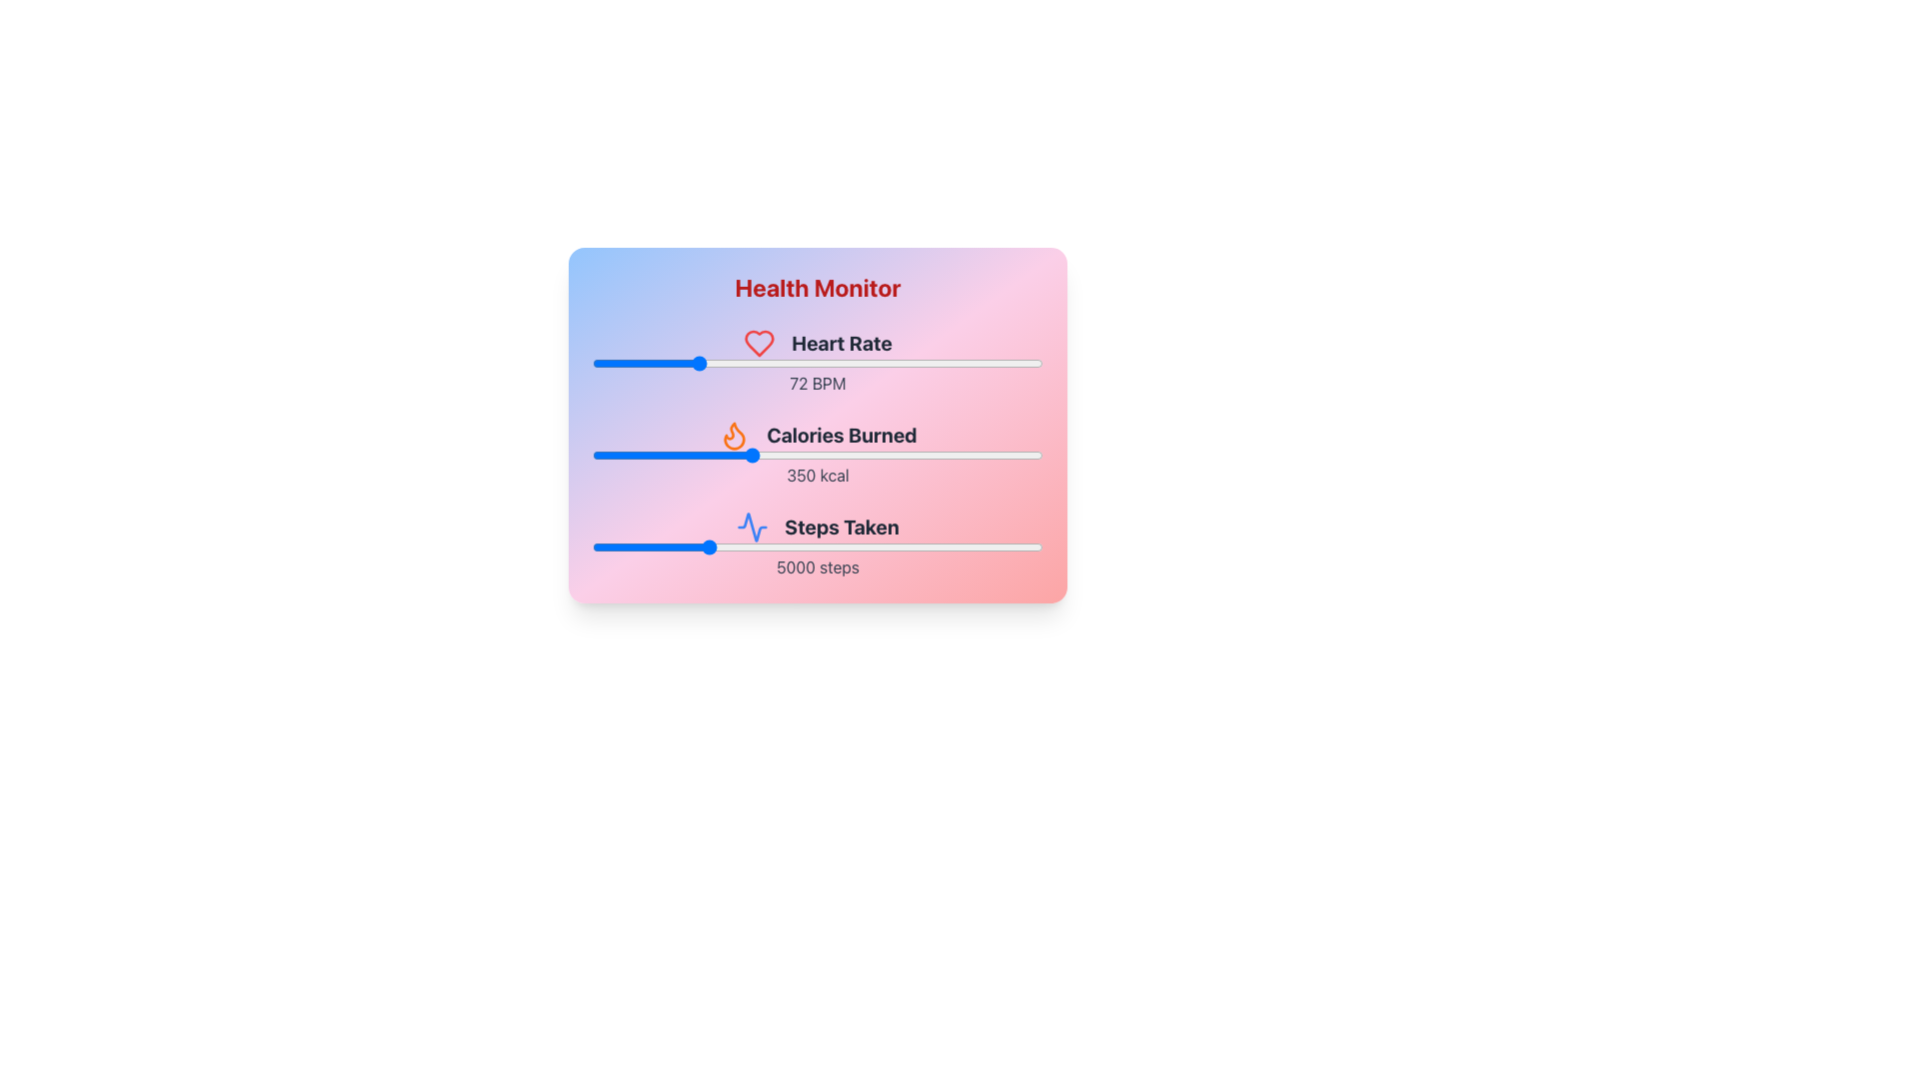 The width and height of the screenshot is (1919, 1079). What do you see at coordinates (842, 527) in the screenshot?
I see `the 'Steps Taken' label which identifies the context of the step metrics, positioned above the subtitle indicating '5000 steps'` at bounding box center [842, 527].